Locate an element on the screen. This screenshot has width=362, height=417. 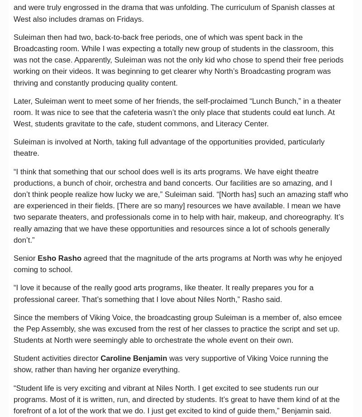
'Later, Suleiman went to meet some of her friends, the self-proclaimed “Lunch Bunch,” in a theater room. It was nice to see that the cafeteria wasn’t the only place that students could eat lunch. At West, students gravitate to the cafe, student commons, and Literacy Center.' is located at coordinates (176, 112).